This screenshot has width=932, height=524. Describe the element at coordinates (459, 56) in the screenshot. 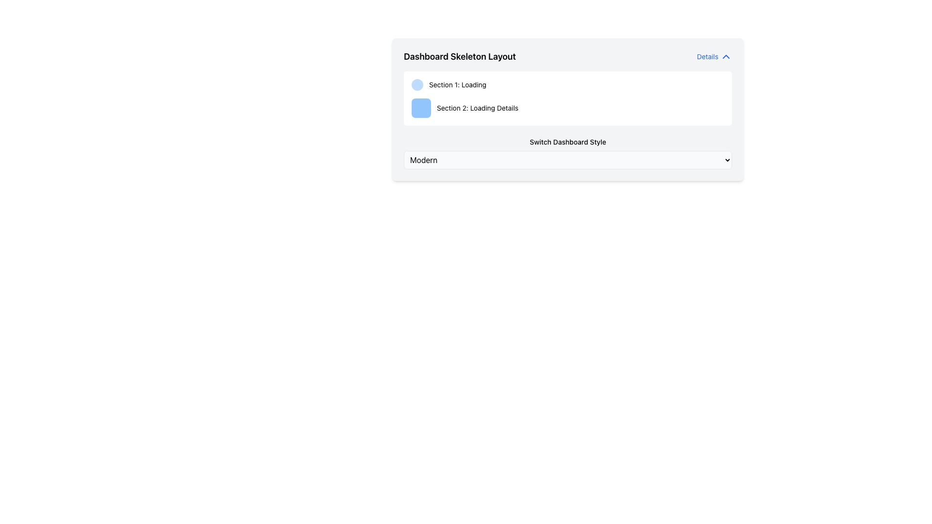

I see `text from the title label at the top of the interface, which serves as an identifier for the content below it` at that location.